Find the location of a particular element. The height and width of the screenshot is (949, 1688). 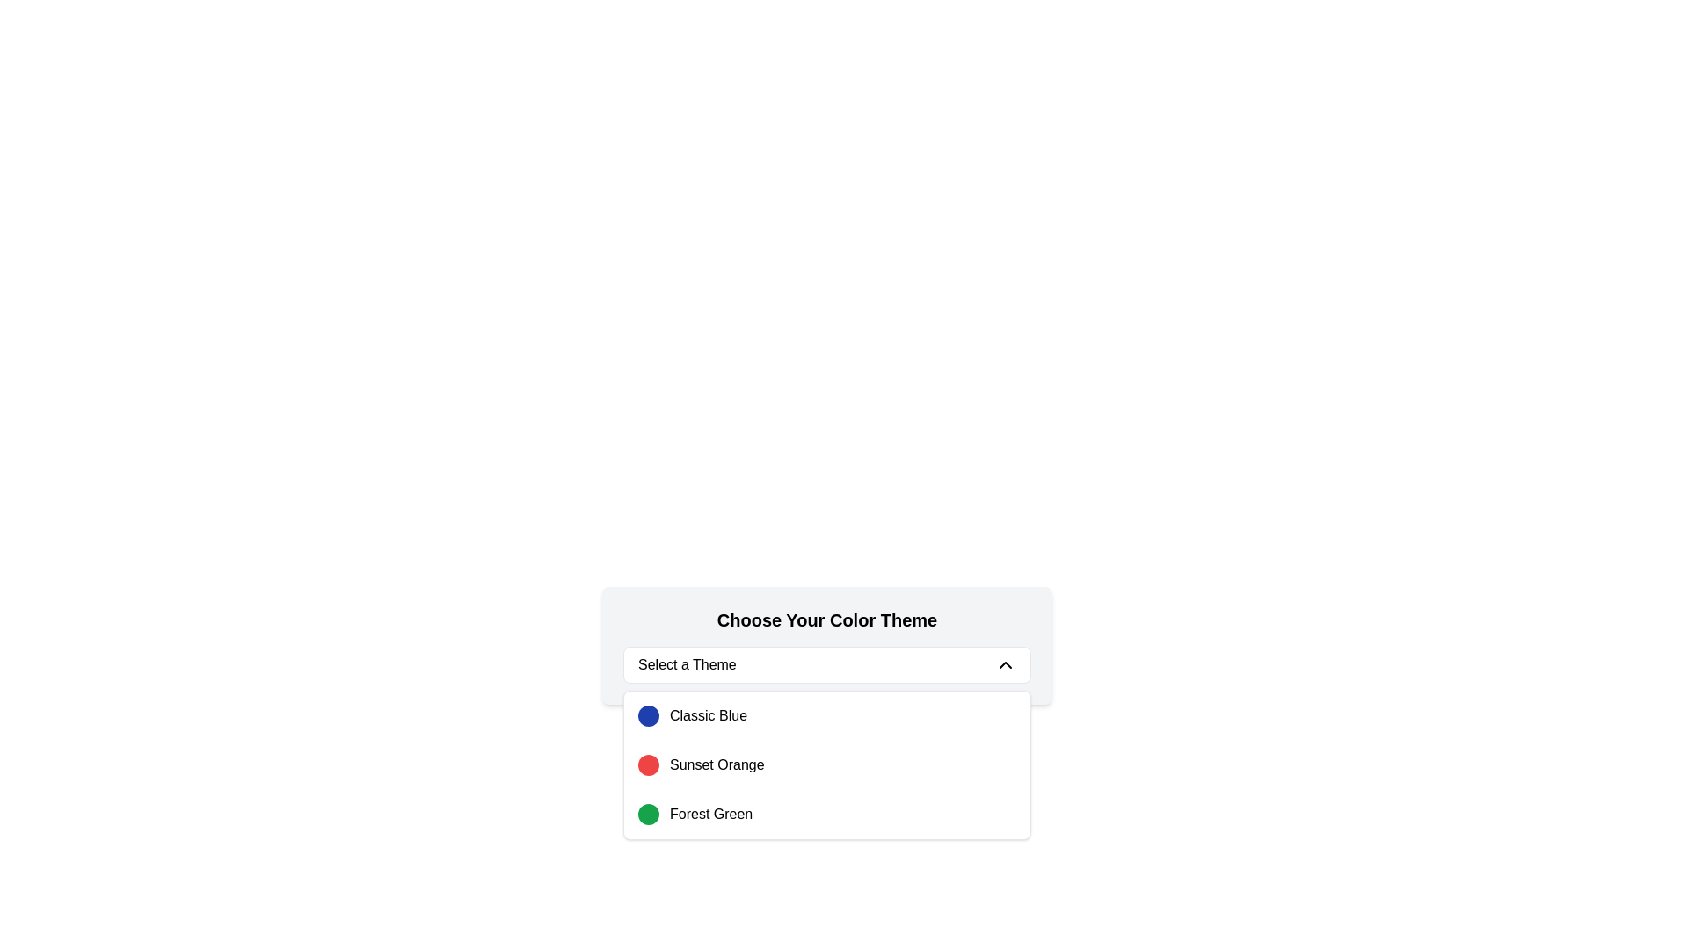

the header text that reads 'Choose Your Color Theme', which is styled as a bold, large title and is positioned above other interactive elements for selecting color themes is located at coordinates (826, 619).